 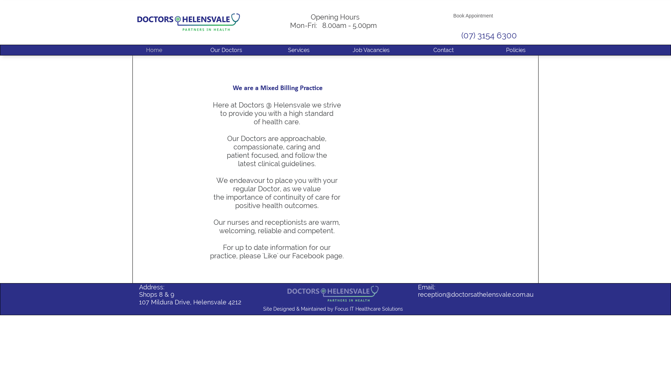 What do you see at coordinates (443, 50) in the screenshot?
I see `'Contact'` at bounding box center [443, 50].